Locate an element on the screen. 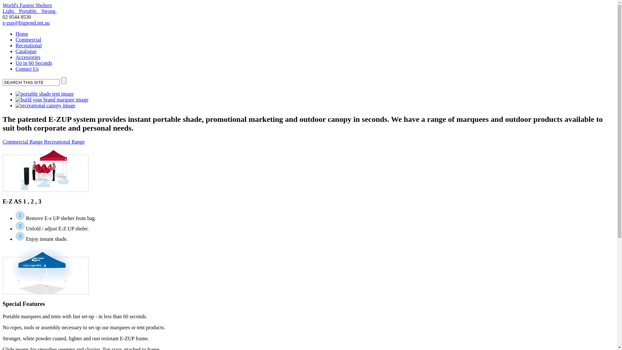  'Recreational Range' is located at coordinates (64, 141).